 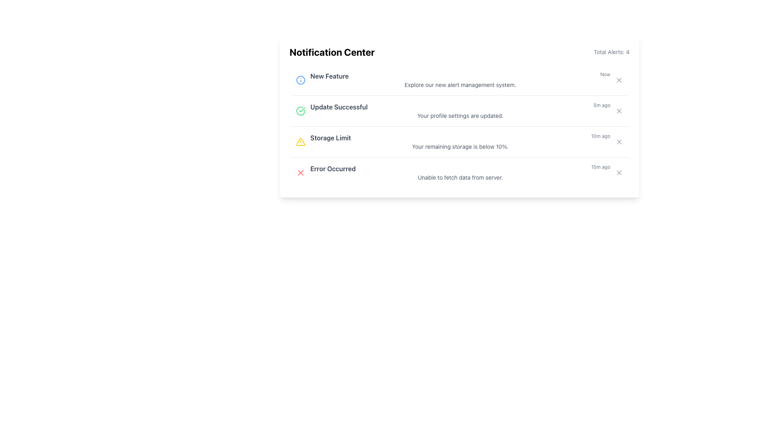 What do you see at coordinates (300, 80) in the screenshot?
I see `the small circular icon with a blue outline that resembles an information or alert symbol, located adjacent to the label 'New Feature' in the notification interface` at bounding box center [300, 80].